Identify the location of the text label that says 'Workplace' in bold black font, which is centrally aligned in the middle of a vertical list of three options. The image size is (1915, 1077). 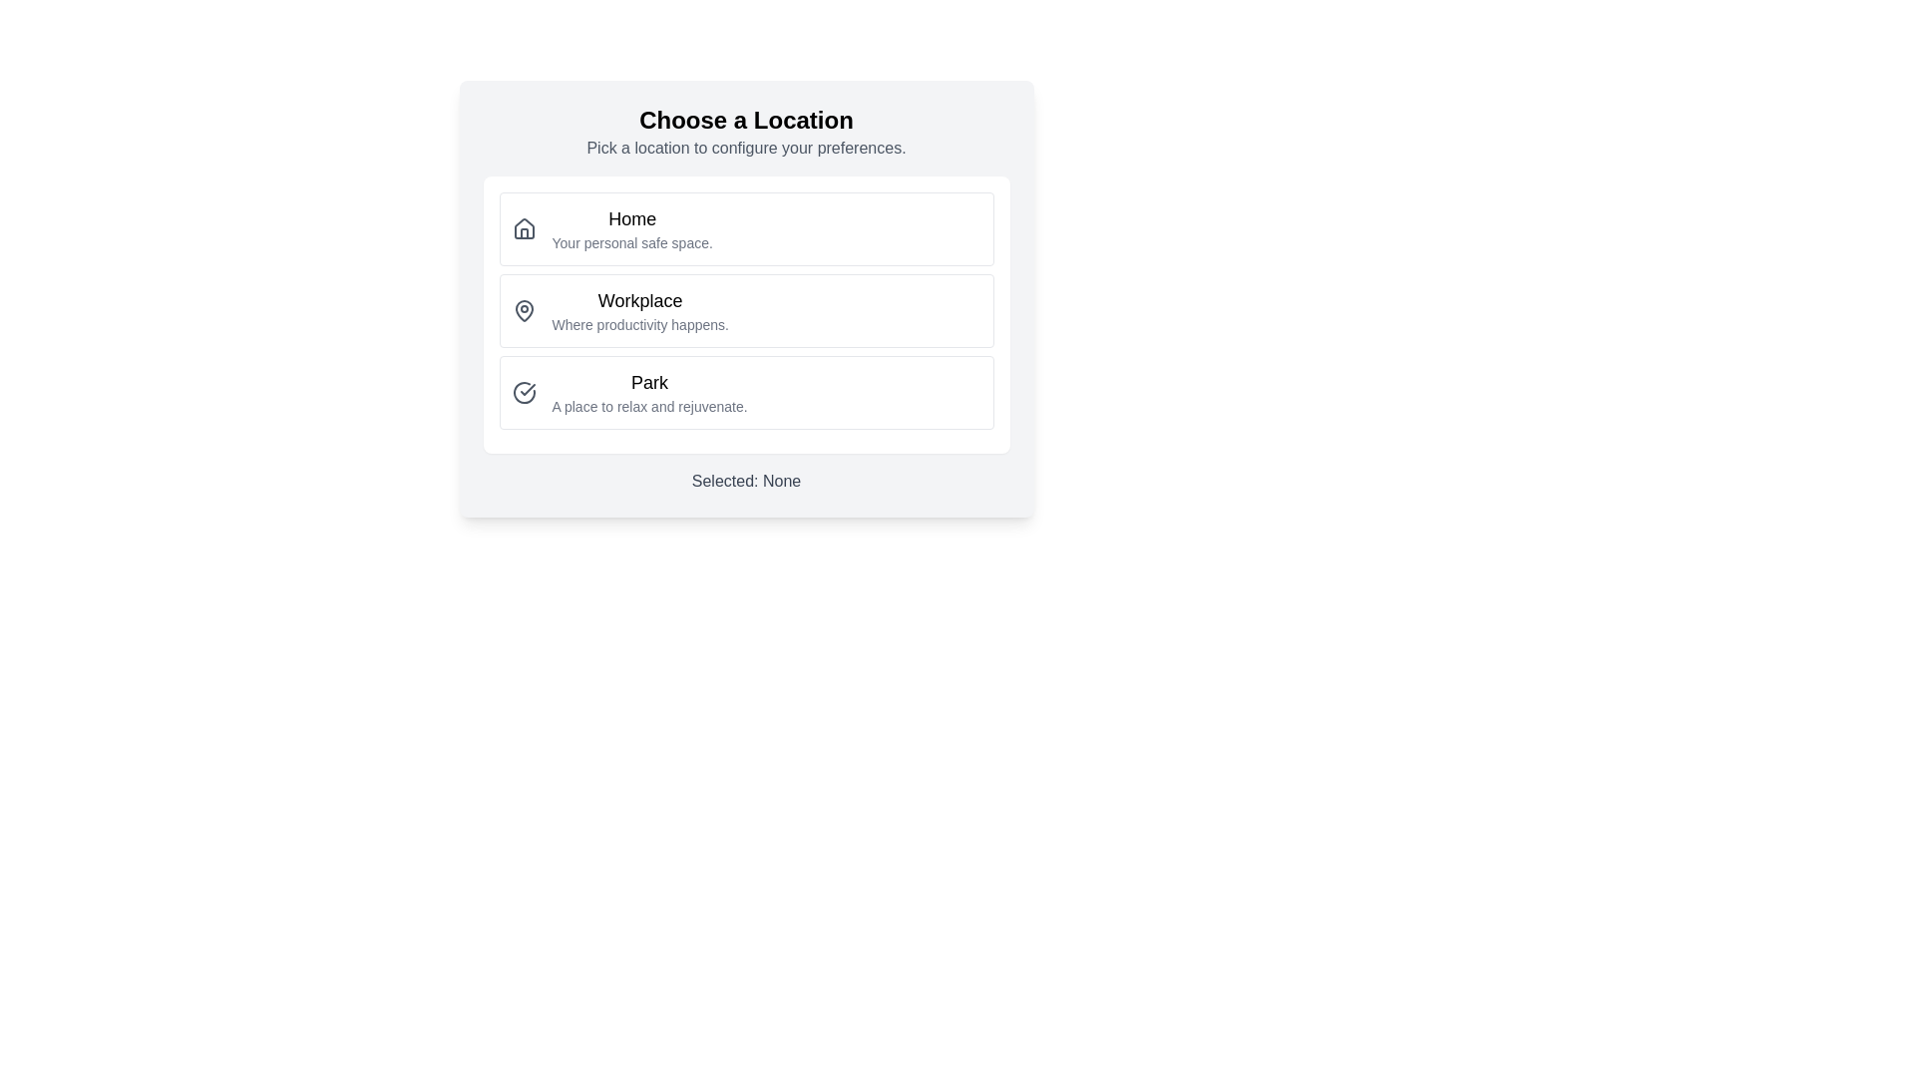
(640, 311).